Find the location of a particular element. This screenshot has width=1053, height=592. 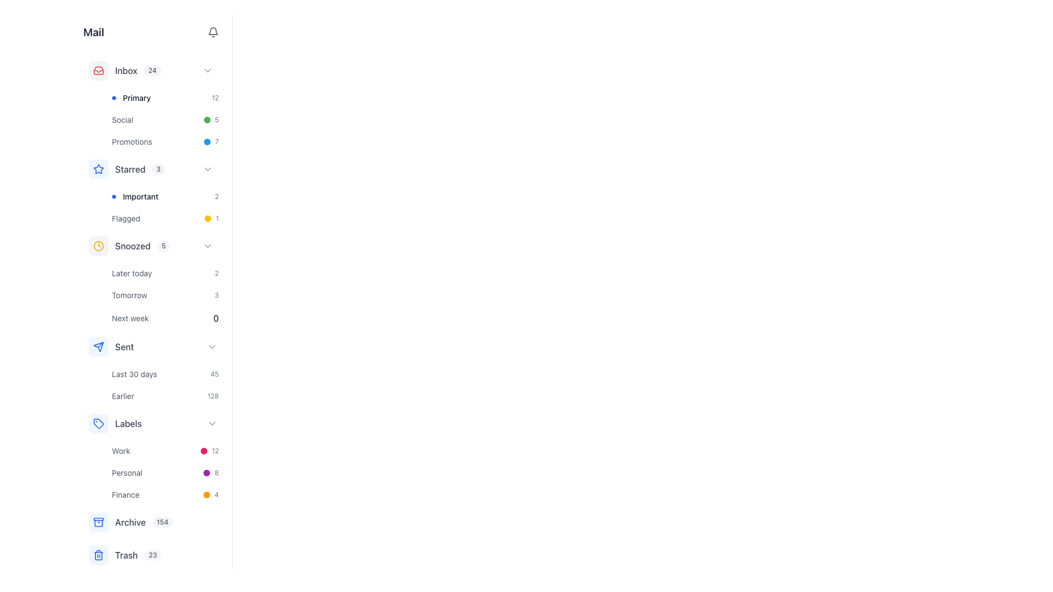

the rightward-pointing chevron icon in the 'Labels' section is located at coordinates (212, 423).